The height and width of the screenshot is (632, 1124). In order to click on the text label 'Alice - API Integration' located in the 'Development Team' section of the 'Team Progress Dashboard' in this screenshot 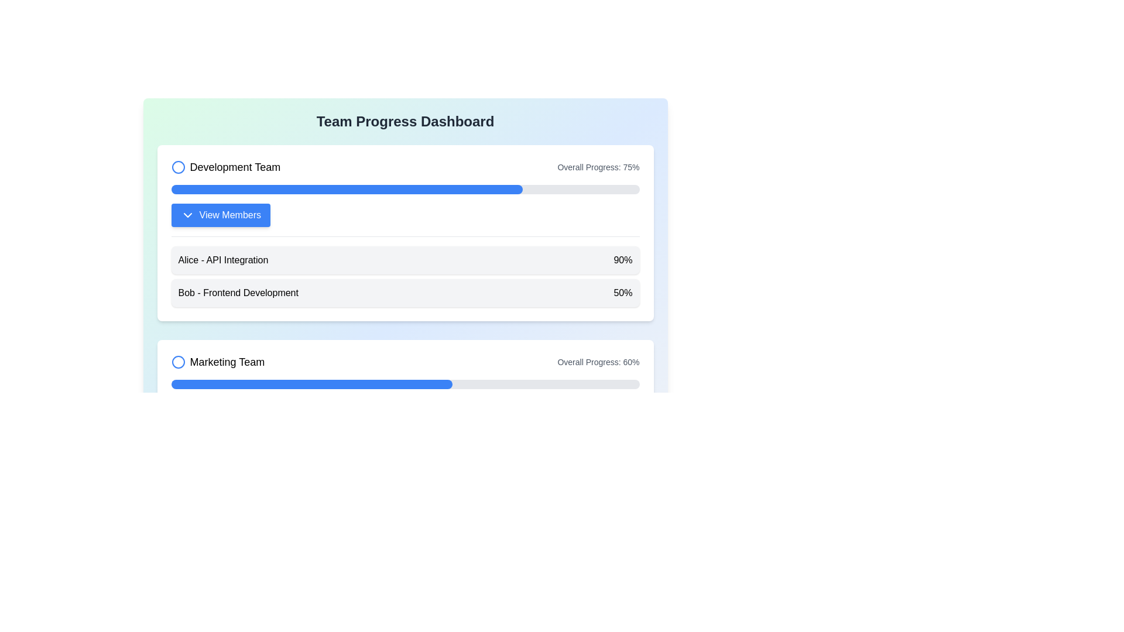, I will do `click(223, 259)`.